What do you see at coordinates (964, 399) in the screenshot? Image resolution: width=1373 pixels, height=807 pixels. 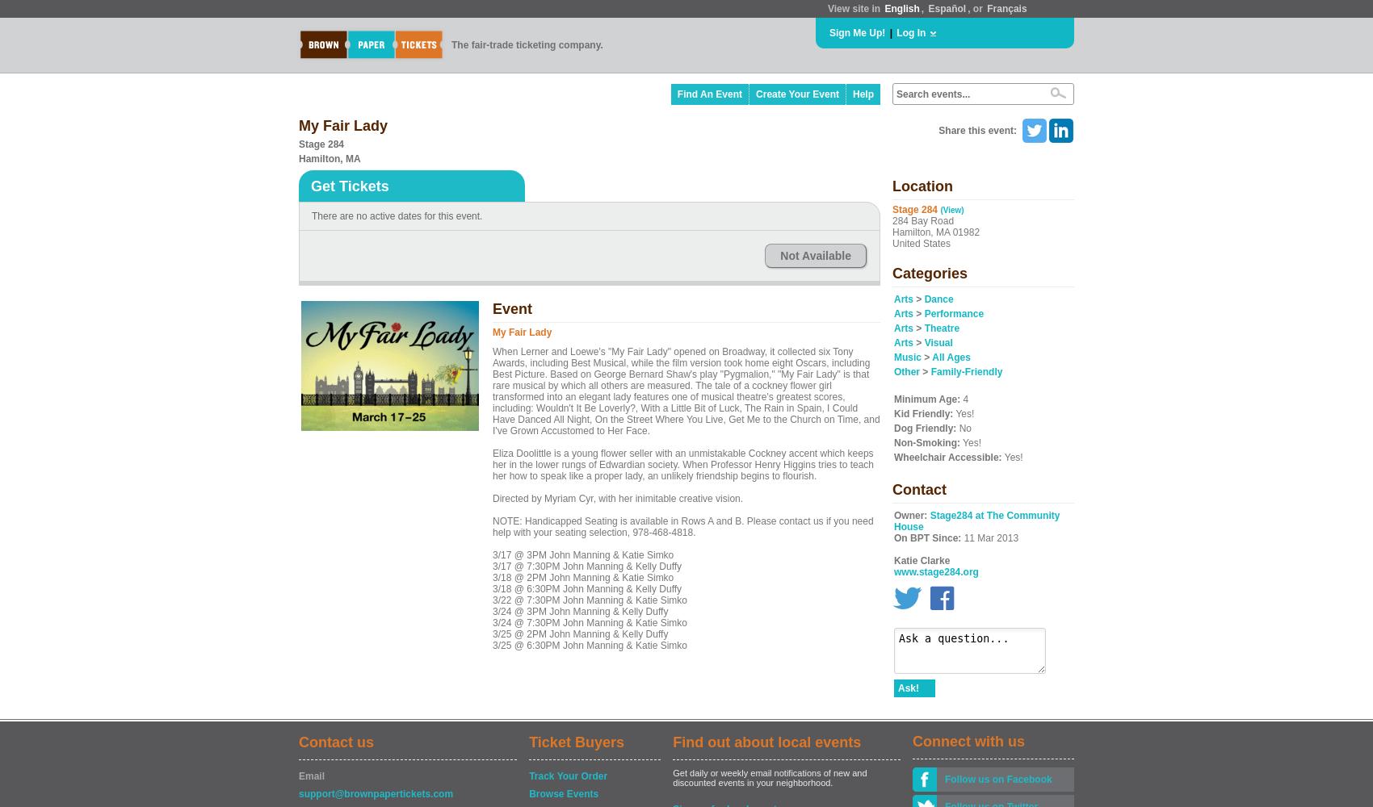 I see `'4'` at bounding box center [964, 399].